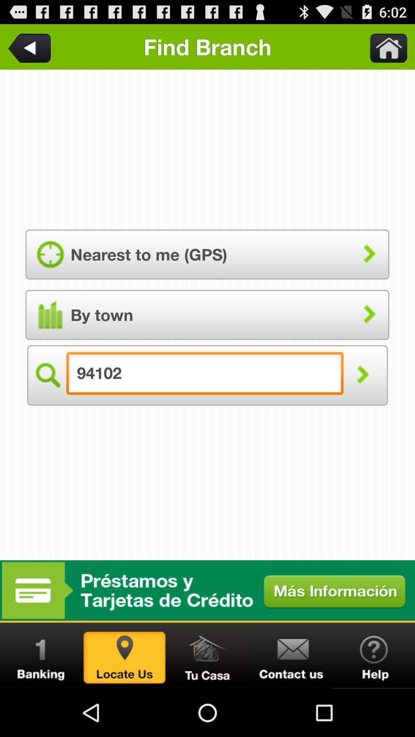 The image size is (415, 737). What do you see at coordinates (362, 401) in the screenshot?
I see `the arrow_forward icon` at bounding box center [362, 401].